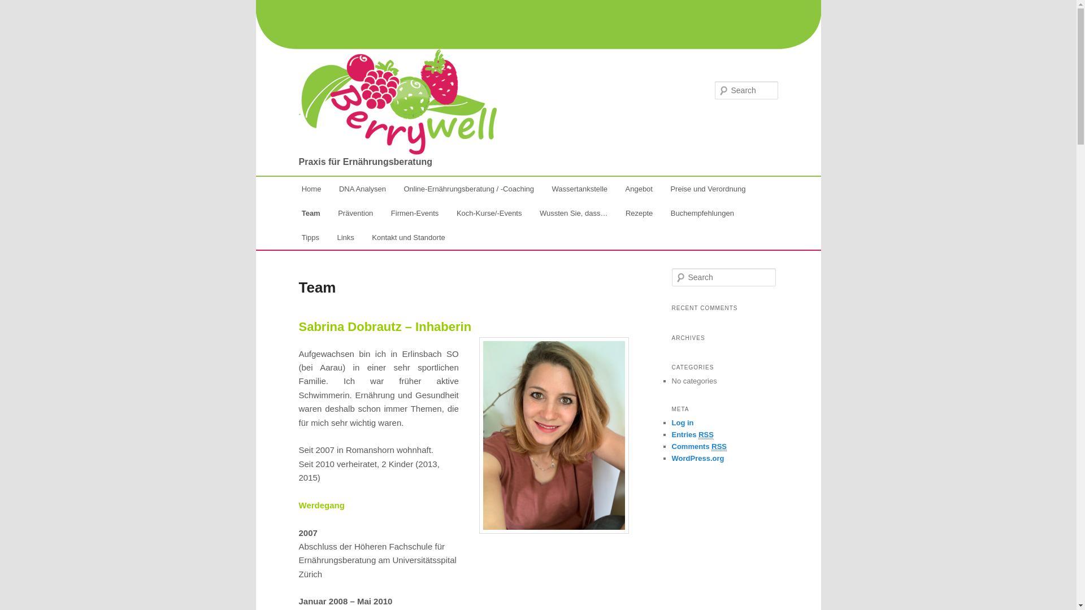 Image resolution: width=1085 pixels, height=610 pixels. I want to click on 'Search', so click(18, 6).